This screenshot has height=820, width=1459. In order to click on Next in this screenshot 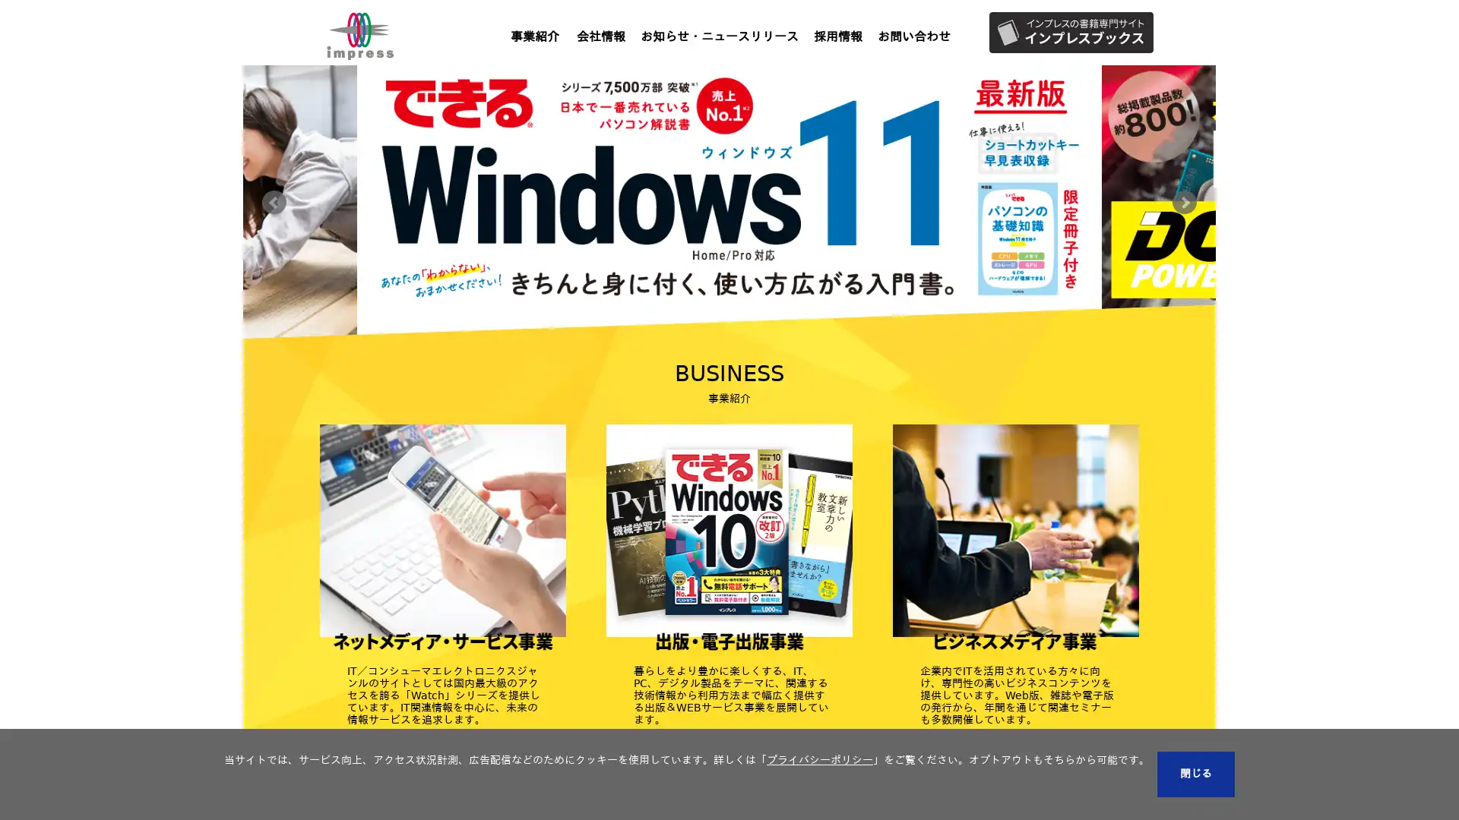, I will do `click(1184, 201)`.